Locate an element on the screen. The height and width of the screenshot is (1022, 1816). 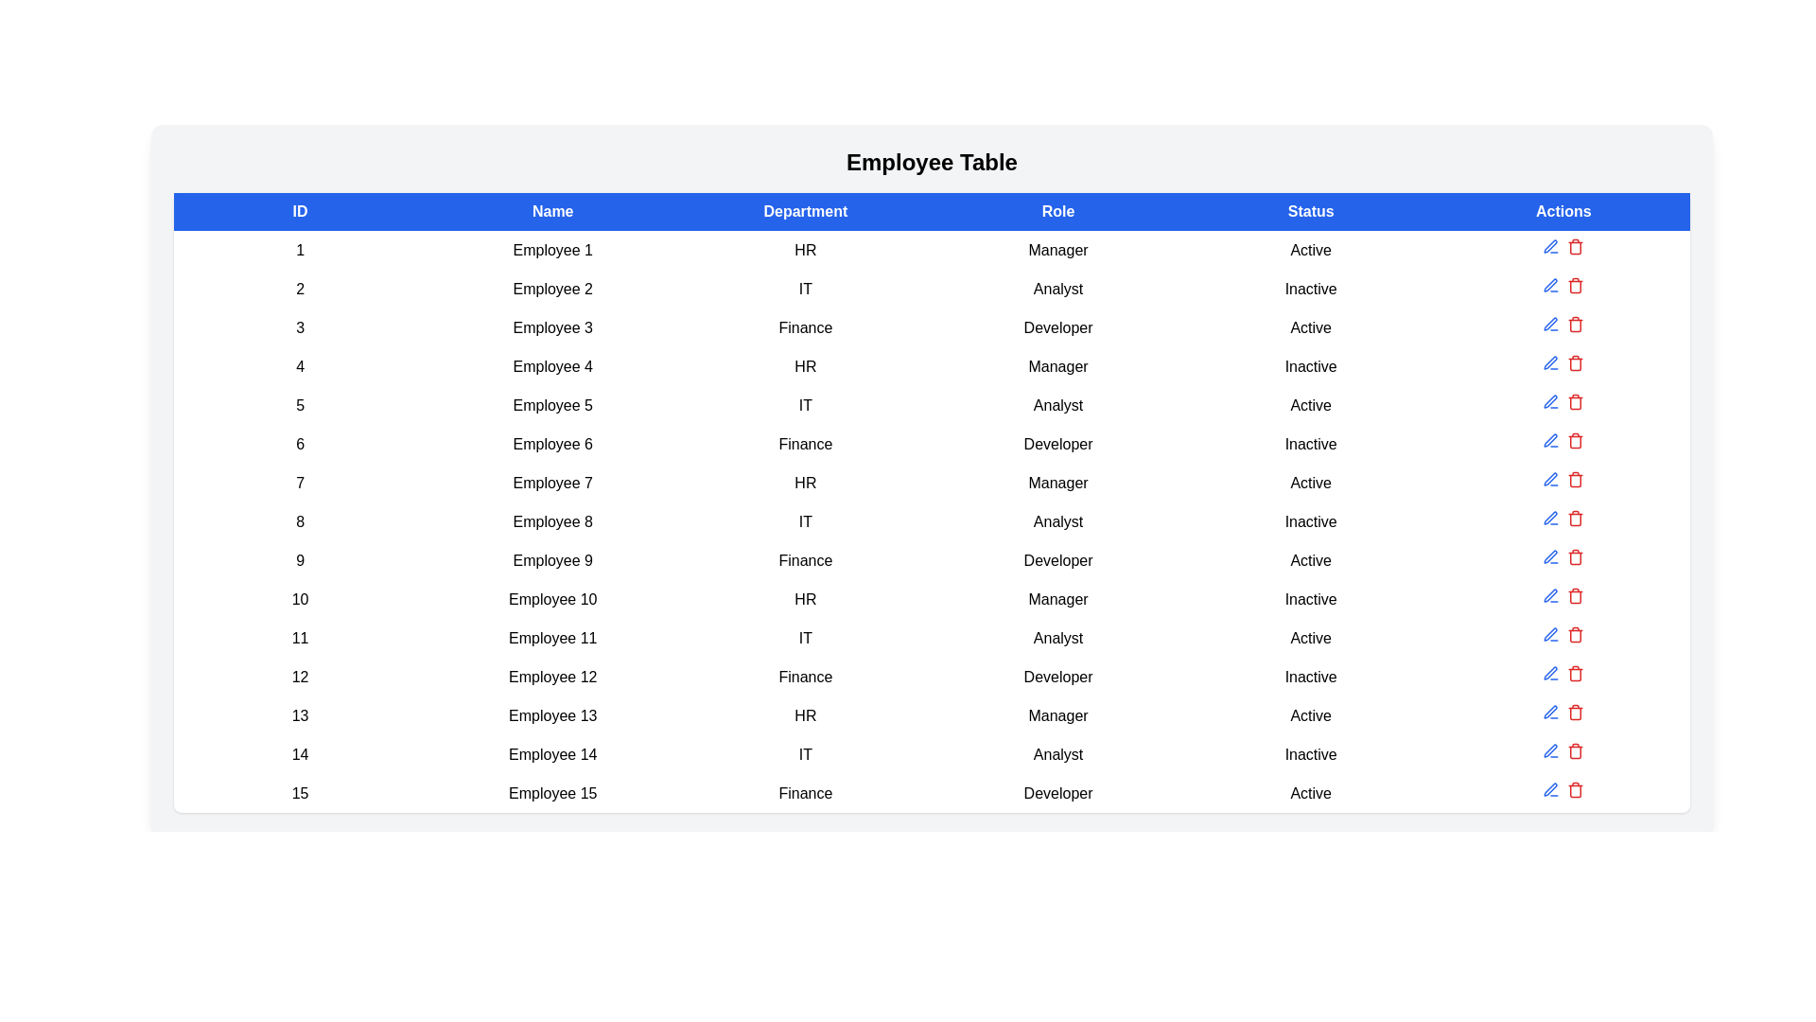
the expand/collapse control of a specific row to toggle its hierarchical details is located at coordinates (189, 236).